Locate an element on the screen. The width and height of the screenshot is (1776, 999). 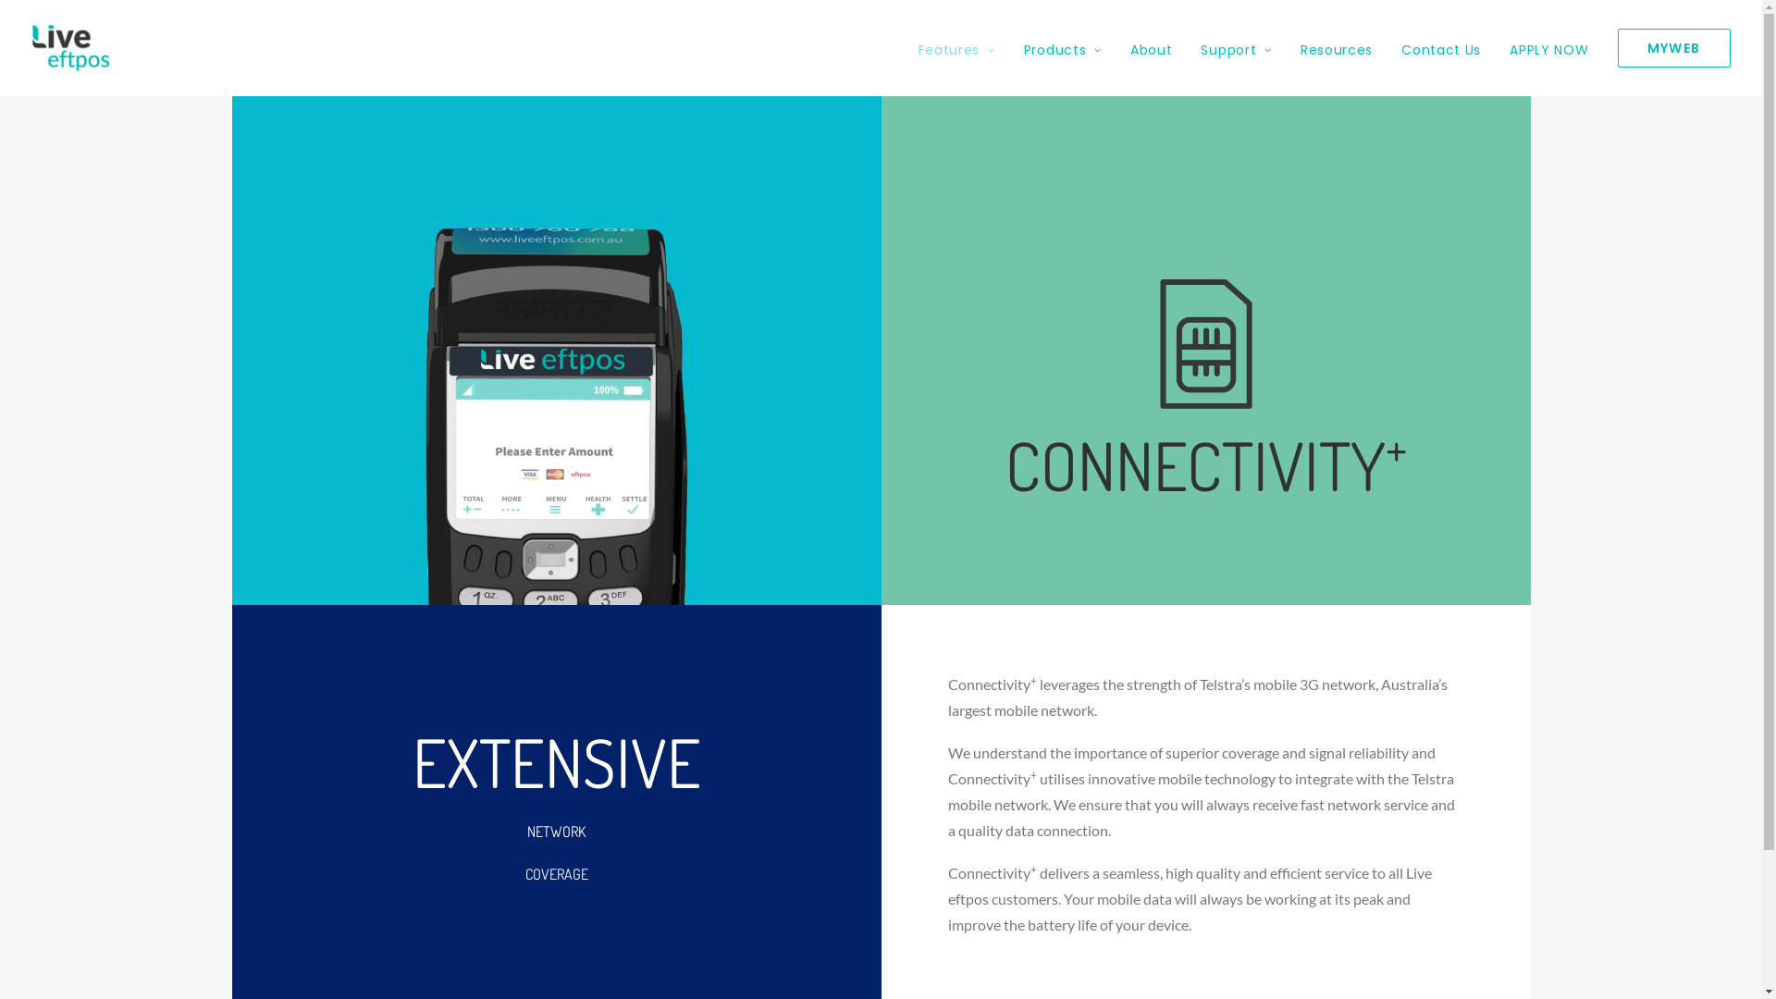
'MYWEB' is located at coordinates (1666, 46).